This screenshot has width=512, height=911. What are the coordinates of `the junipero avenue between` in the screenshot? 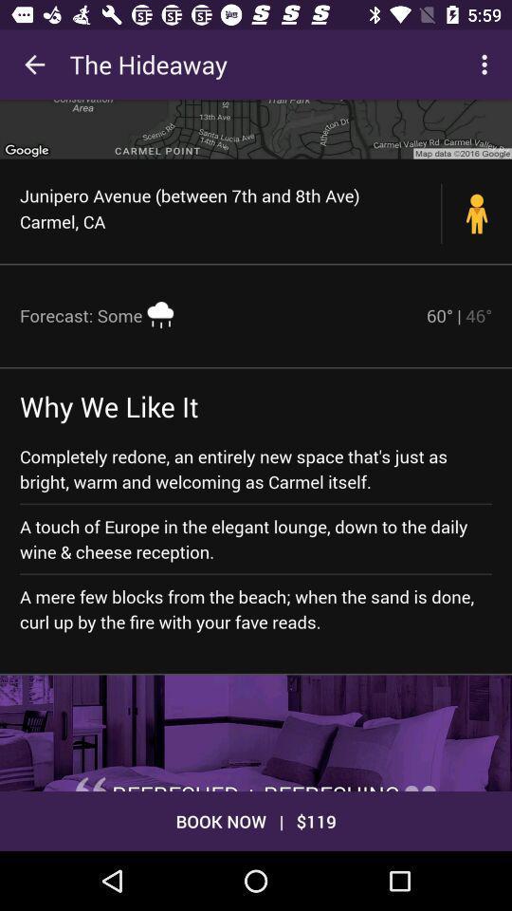 It's located at (230, 208).